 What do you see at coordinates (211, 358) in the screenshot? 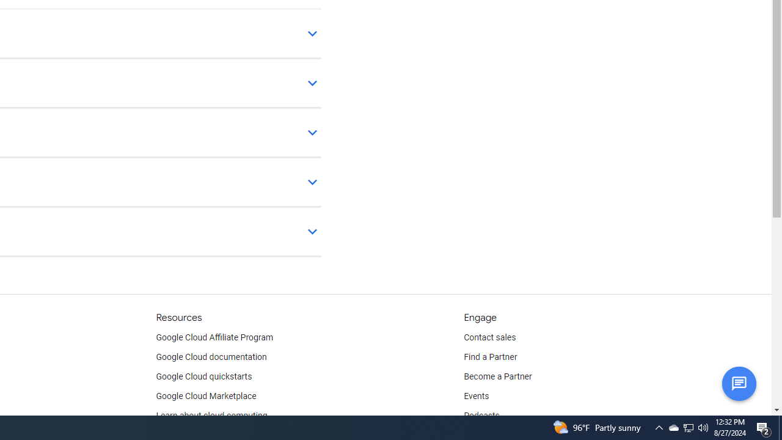
I see `'Google Cloud documentation'` at bounding box center [211, 358].